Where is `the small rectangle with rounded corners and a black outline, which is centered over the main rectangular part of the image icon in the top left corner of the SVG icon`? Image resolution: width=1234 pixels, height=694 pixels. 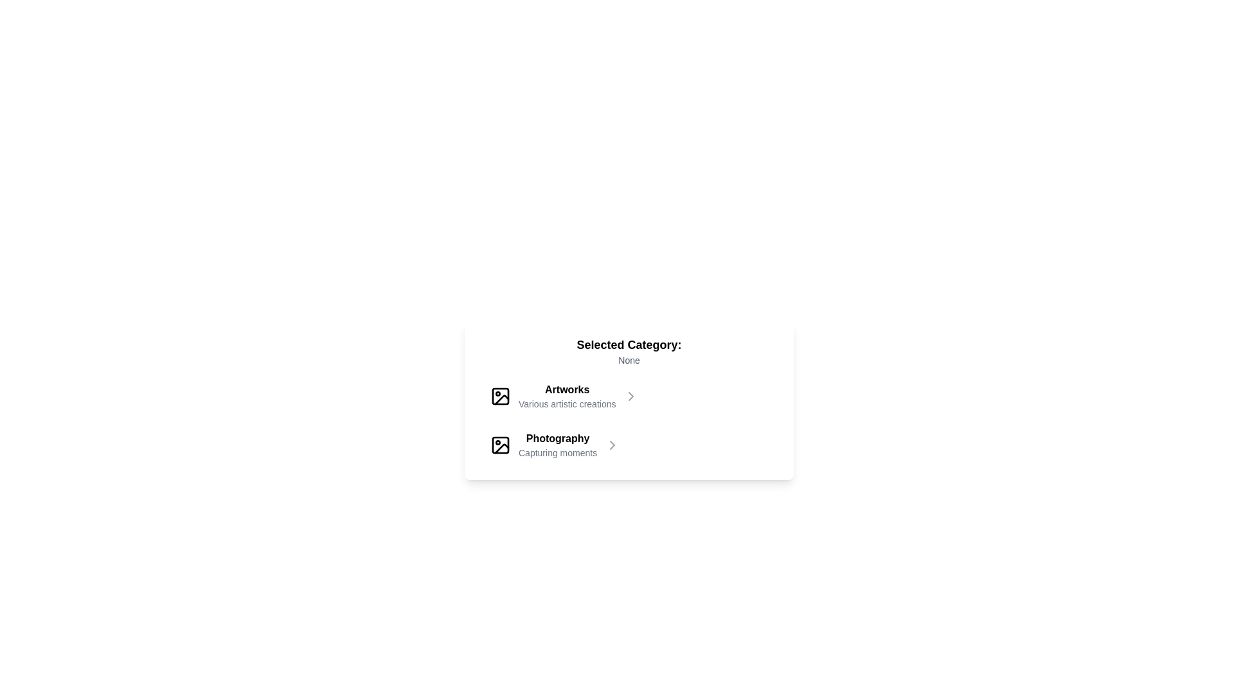
the small rectangle with rounded corners and a black outline, which is centered over the main rectangular part of the image icon in the top left corner of the SVG icon is located at coordinates (499, 396).